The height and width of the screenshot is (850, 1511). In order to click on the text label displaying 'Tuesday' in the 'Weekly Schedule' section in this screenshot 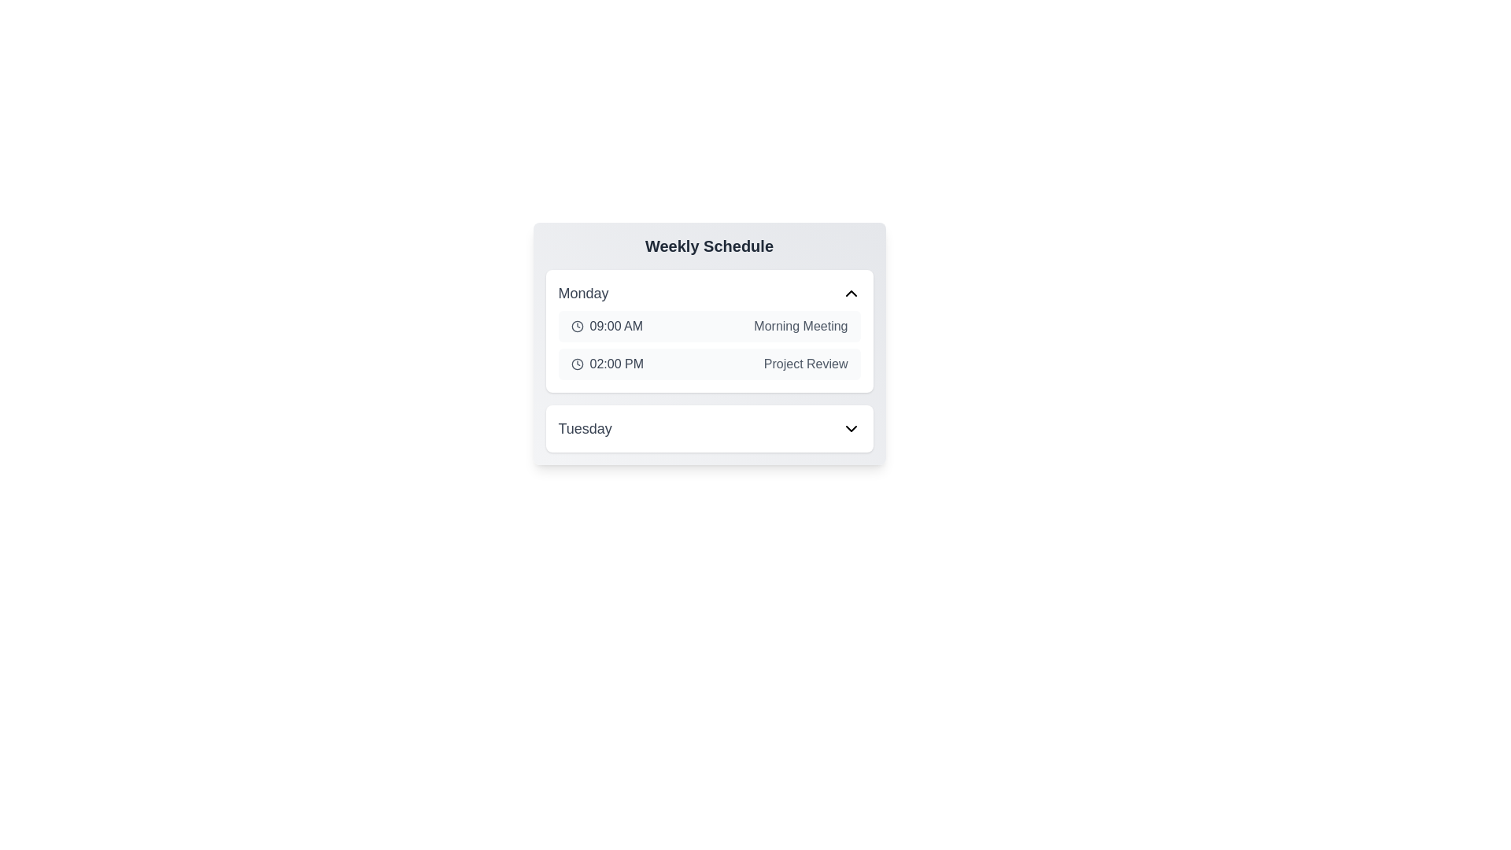, I will do `click(584, 428)`.